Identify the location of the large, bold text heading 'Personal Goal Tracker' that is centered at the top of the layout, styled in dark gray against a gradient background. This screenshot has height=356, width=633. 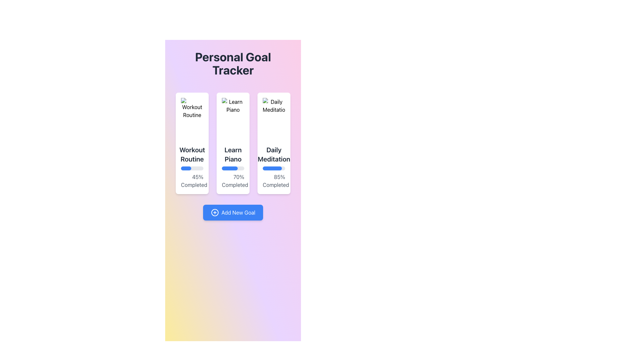
(233, 63).